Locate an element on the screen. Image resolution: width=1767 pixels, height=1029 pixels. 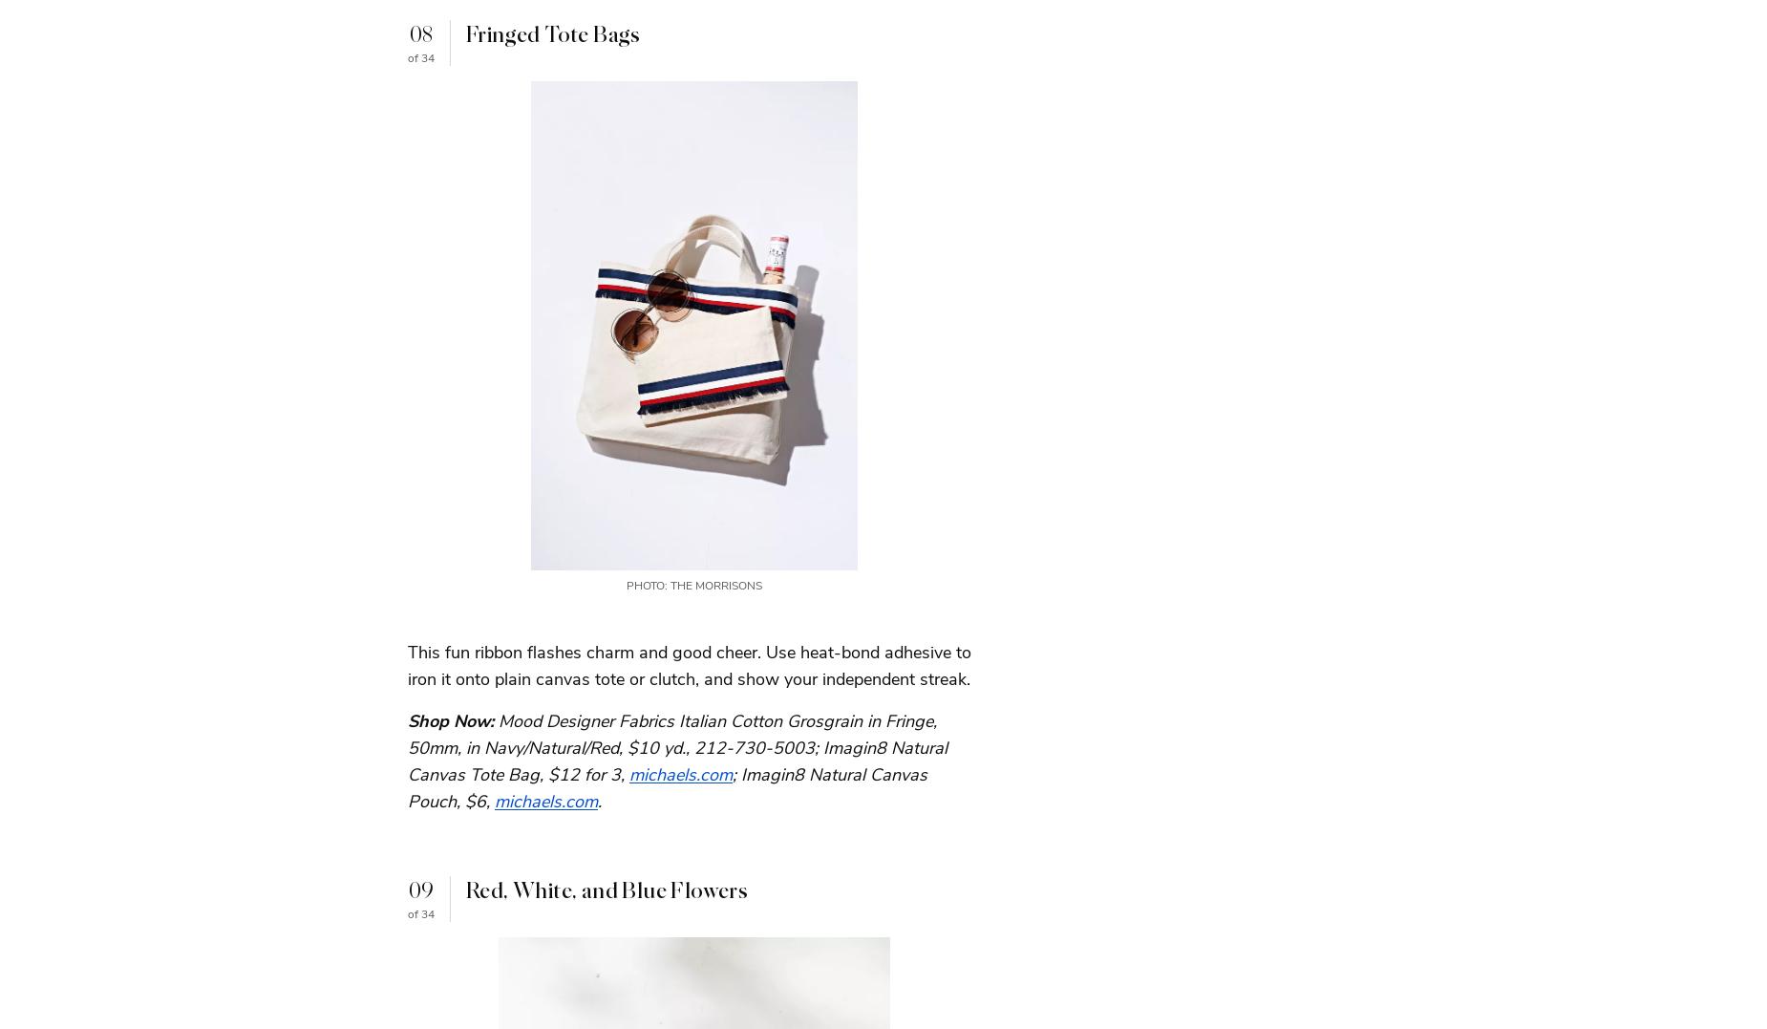
'Mood Designer Fabrics Italian Cotton Grosgrain in Fringe, 50mm, in Navy/Natural/Red, $10 yd., 212-730-5003; Imagin8 Natural Canvas Tote Bag, $12 for 3,' is located at coordinates (677, 746).